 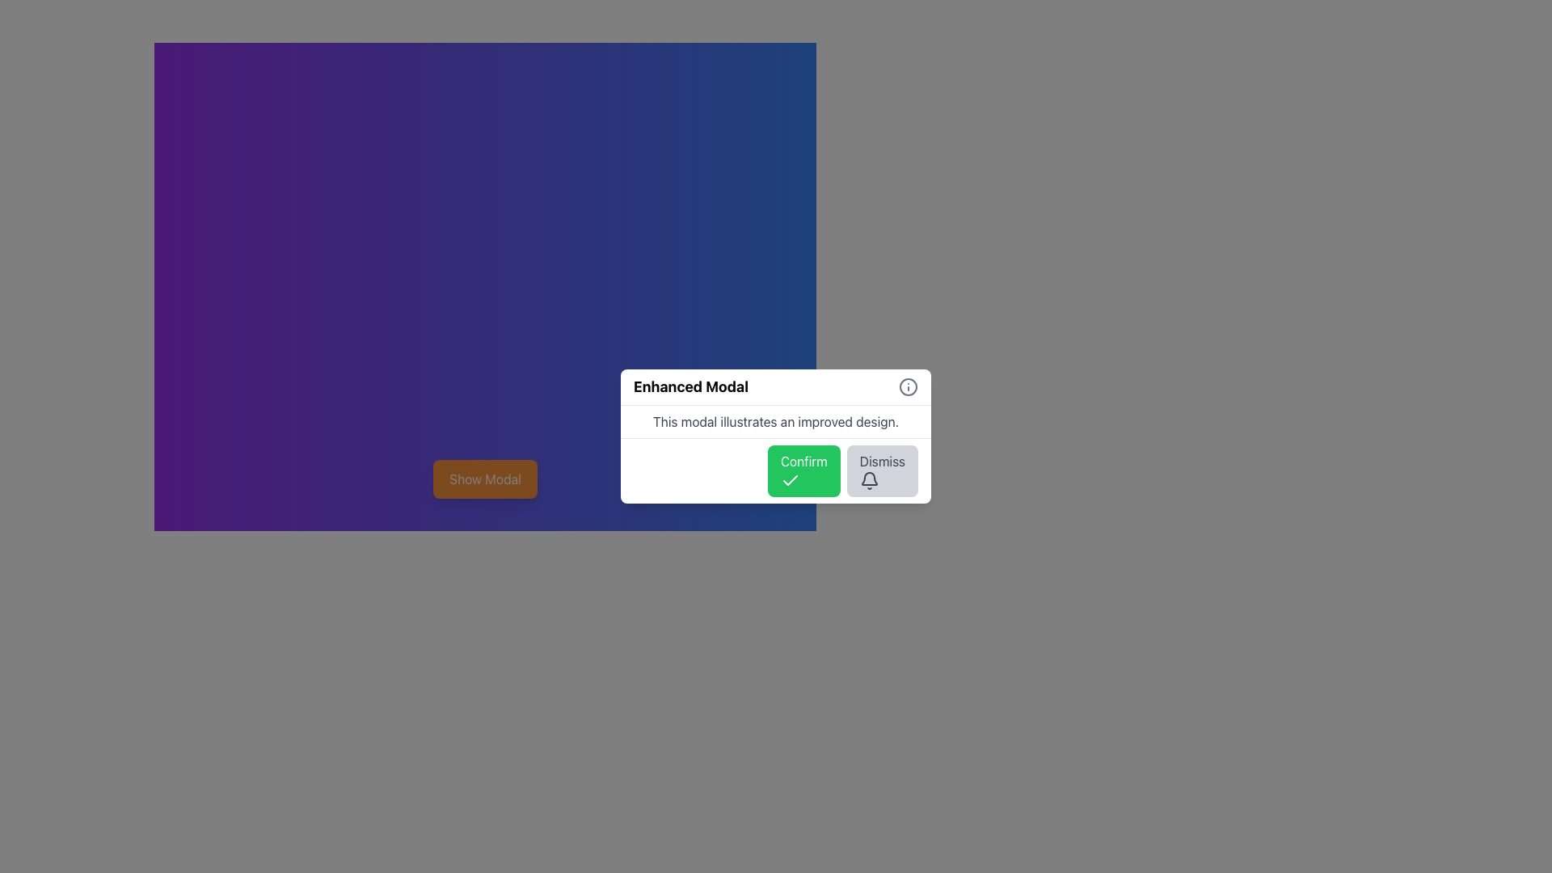 What do you see at coordinates (868, 479) in the screenshot?
I see `the bell icon located within the 'Dismiss' button, which is positioned to the left of the text label inside the button` at bounding box center [868, 479].